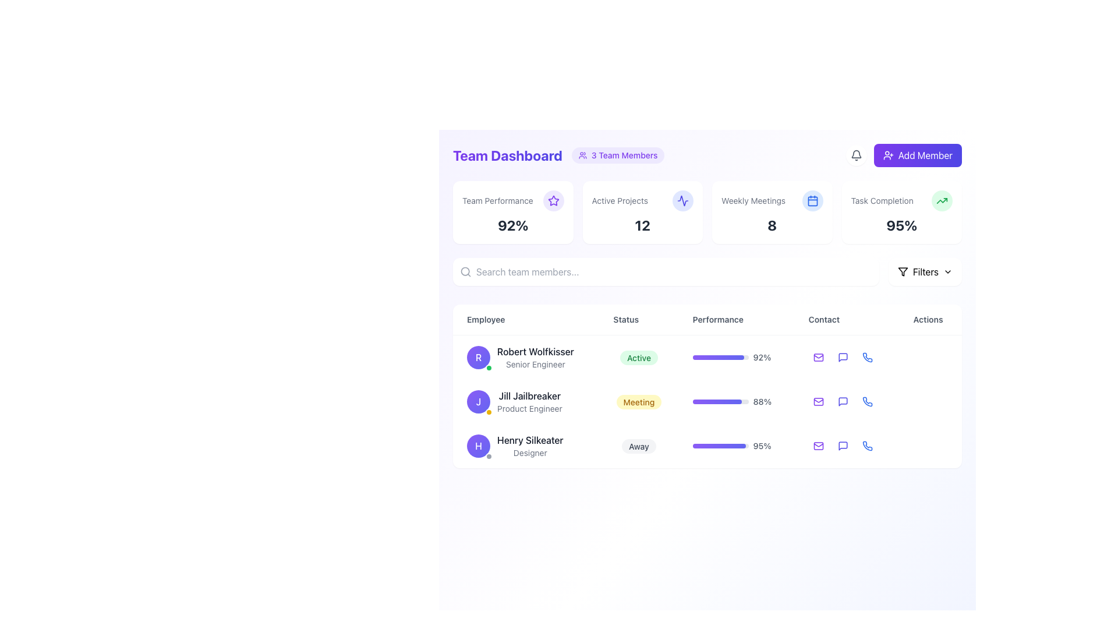 The height and width of the screenshot is (629, 1118). Describe the element at coordinates (818, 445) in the screenshot. I see `the vector graphic element that visually complements the envelope icon in the 'Contact' column of the interactive table` at that location.